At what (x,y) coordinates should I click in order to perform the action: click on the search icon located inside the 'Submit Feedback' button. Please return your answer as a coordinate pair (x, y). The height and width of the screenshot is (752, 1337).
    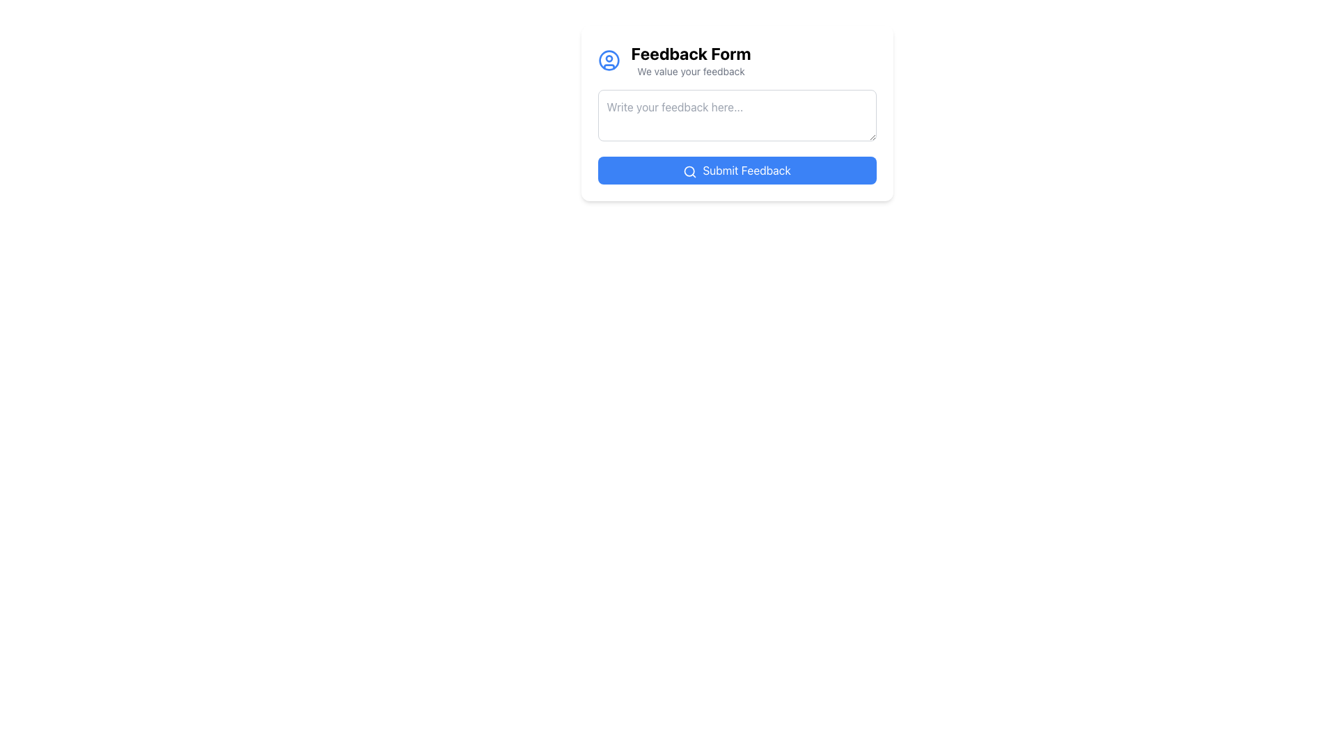
    Looking at the image, I should click on (690, 171).